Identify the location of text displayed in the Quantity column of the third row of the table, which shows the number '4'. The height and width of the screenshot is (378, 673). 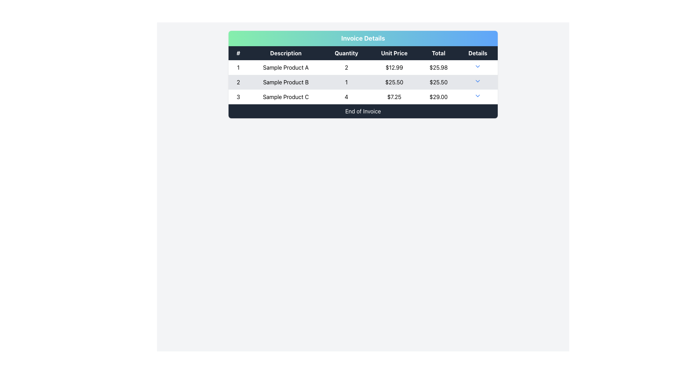
(346, 97).